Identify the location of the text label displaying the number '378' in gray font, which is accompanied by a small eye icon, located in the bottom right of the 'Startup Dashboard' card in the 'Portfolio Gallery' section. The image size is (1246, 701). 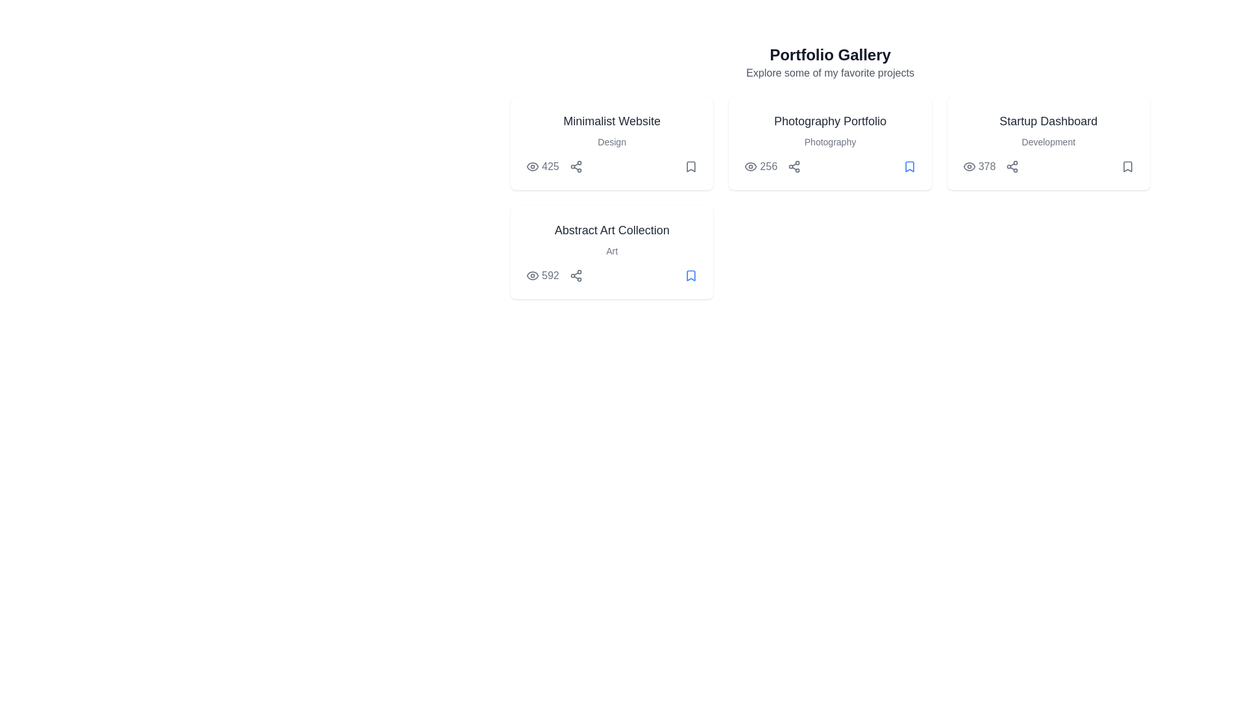
(979, 166).